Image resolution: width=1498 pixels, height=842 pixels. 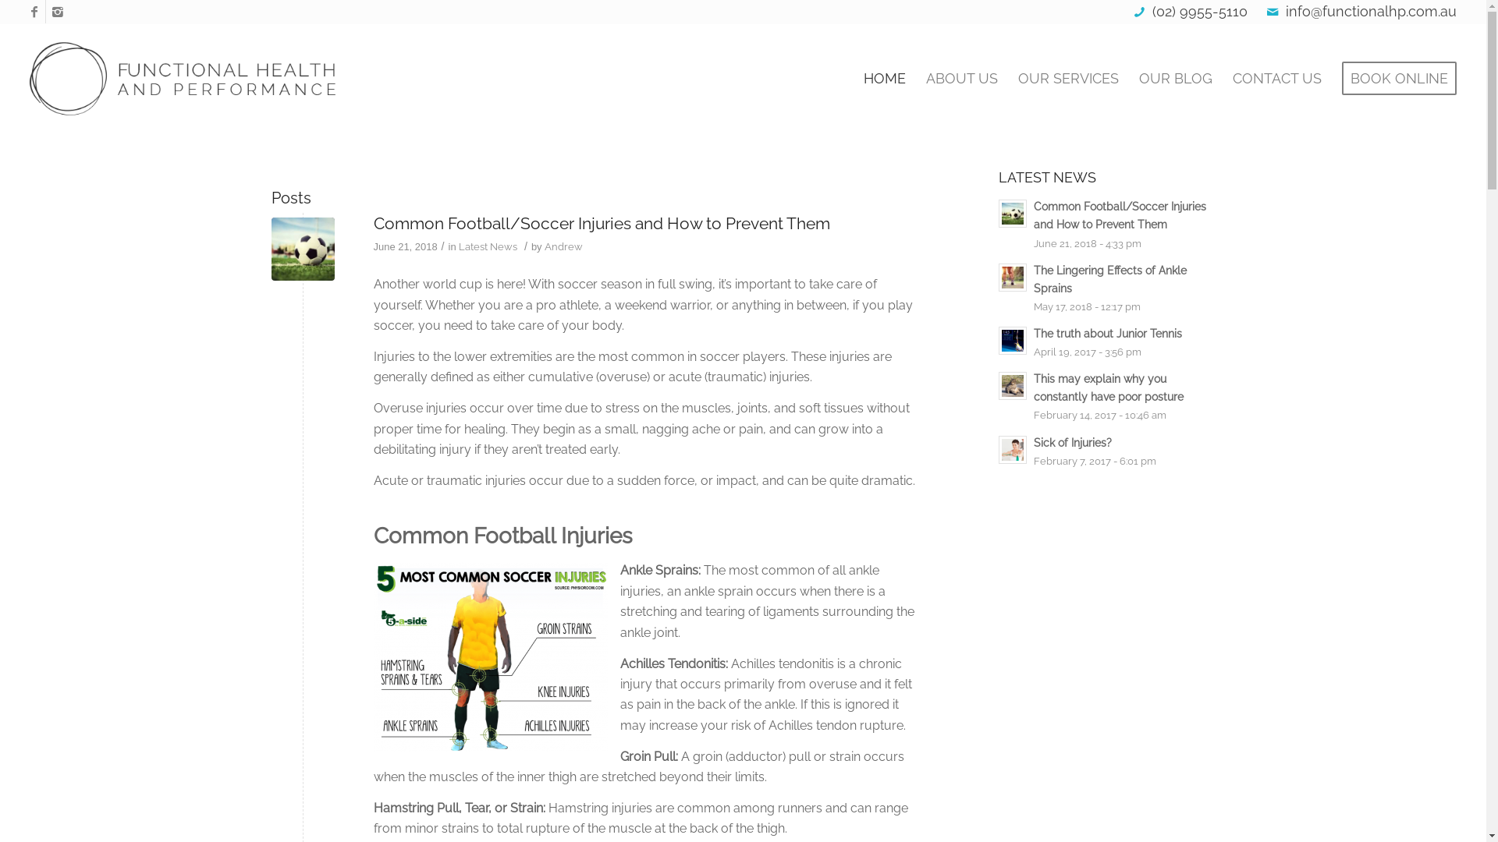 What do you see at coordinates (600, 223) in the screenshot?
I see `'Common Football/Soccer Injuries and How to Prevent Them'` at bounding box center [600, 223].